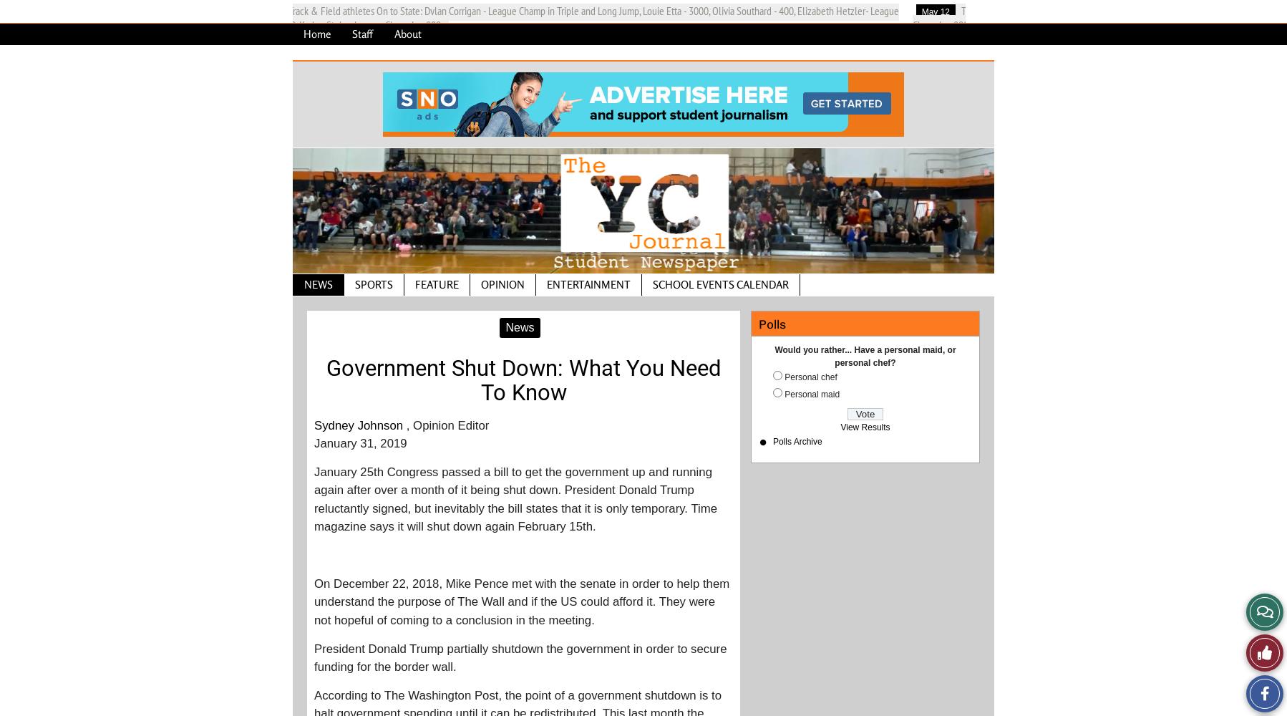 The width and height of the screenshot is (1287, 716). Describe the element at coordinates (864, 356) in the screenshot. I see `'Would you rather... Have a personal maid, or personal chef?'` at that location.